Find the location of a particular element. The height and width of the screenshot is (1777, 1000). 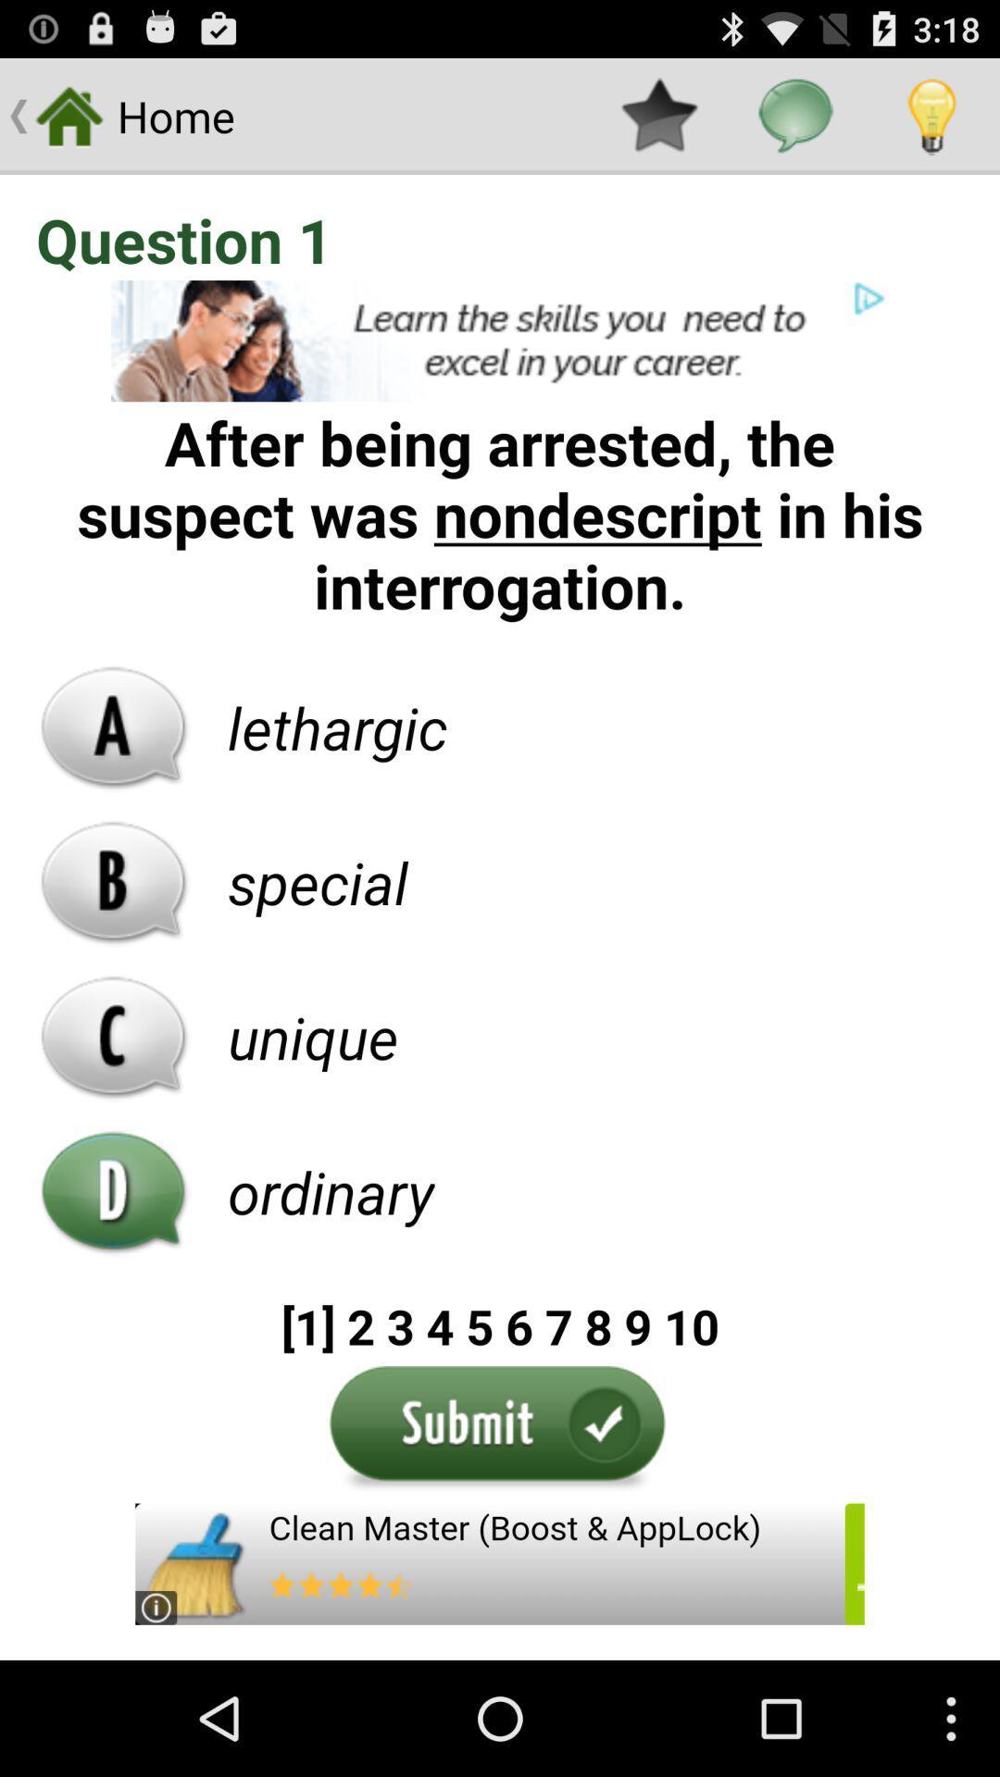

the call icon is located at coordinates (114, 1110).